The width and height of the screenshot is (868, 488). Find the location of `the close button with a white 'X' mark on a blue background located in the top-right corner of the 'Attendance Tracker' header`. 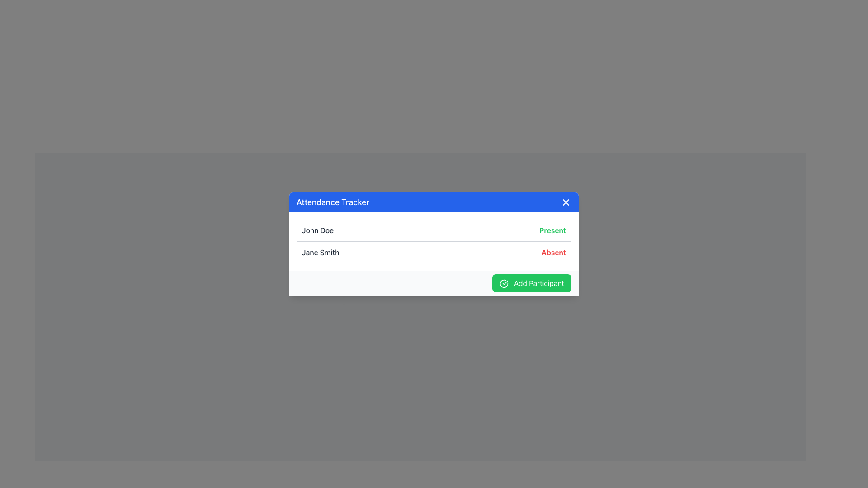

the close button with a white 'X' mark on a blue background located in the top-right corner of the 'Attendance Tracker' header is located at coordinates (566, 202).